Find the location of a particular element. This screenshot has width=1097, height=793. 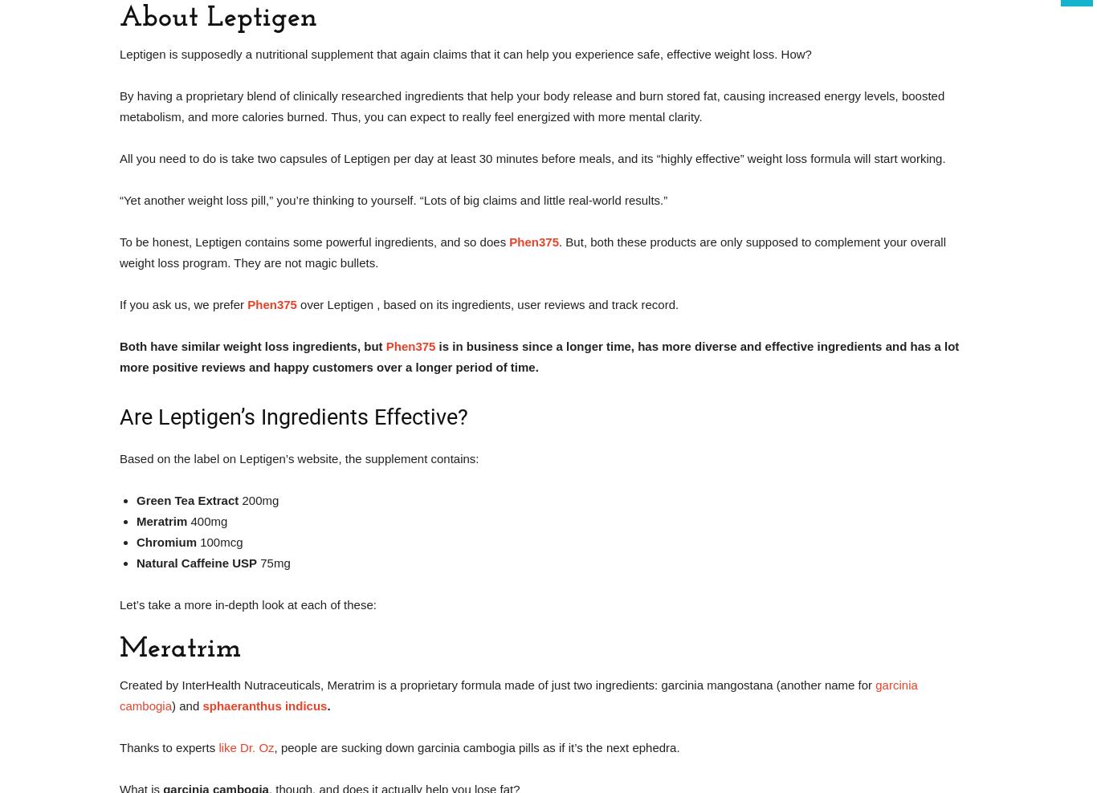

'sphaeranthus indicus' is located at coordinates (202, 705).